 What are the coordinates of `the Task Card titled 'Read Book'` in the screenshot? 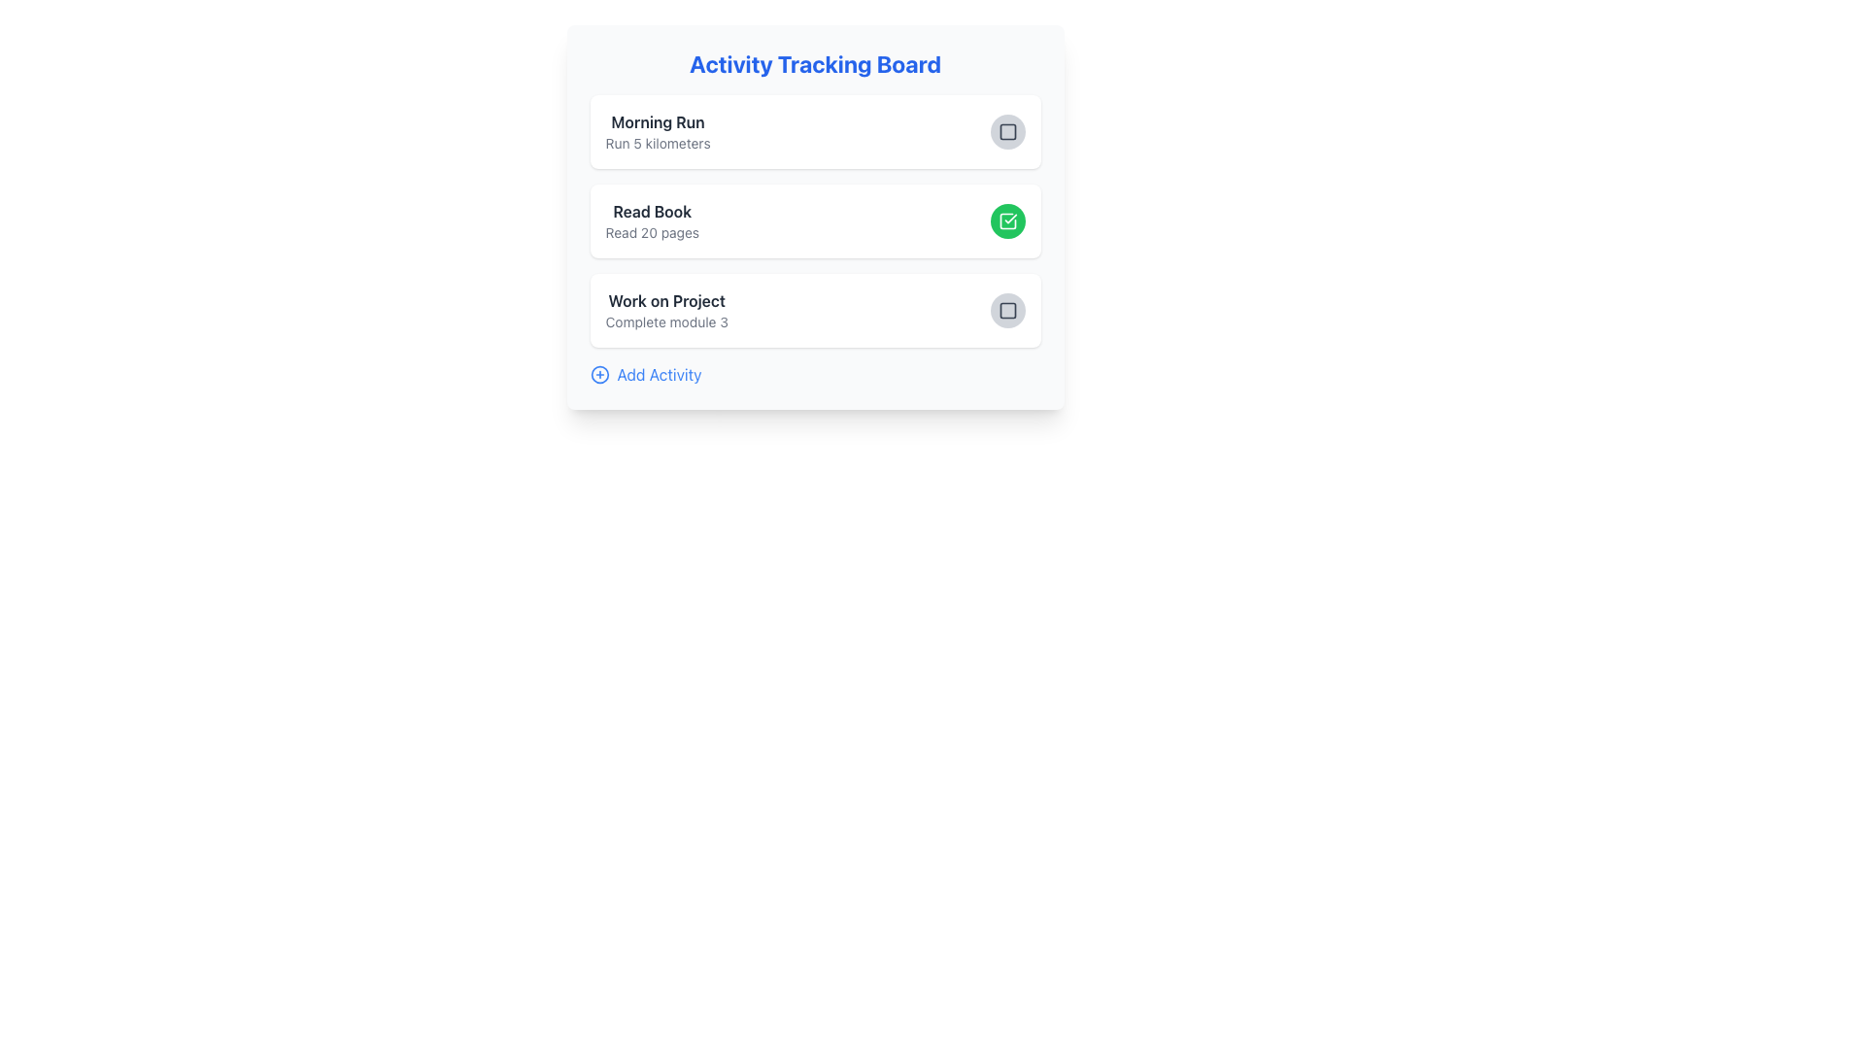 It's located at (815, 220).